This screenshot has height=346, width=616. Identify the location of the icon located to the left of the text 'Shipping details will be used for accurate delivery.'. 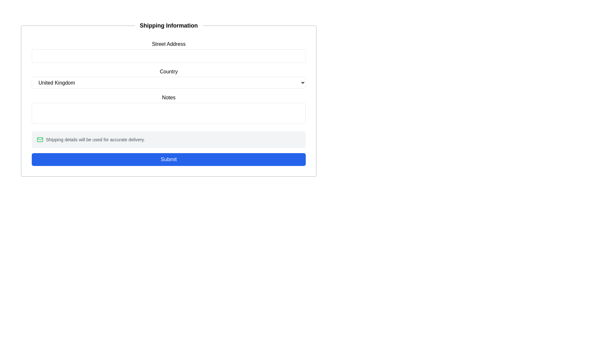
(39, 139).